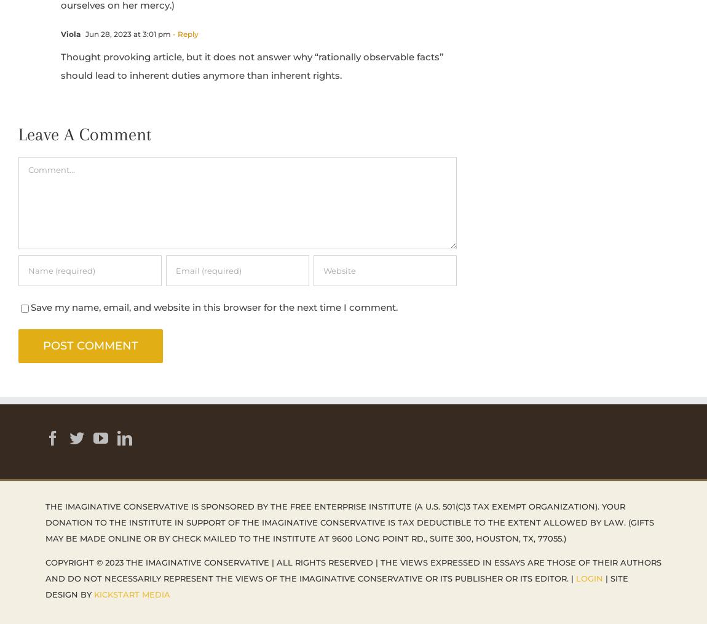 The image size is (707, 624). What do you see at coordinates (127, 33) in the screenshot?
I see `'Jun 28, 2023 at 3:01 pm'` at bounding box center [127, 33].